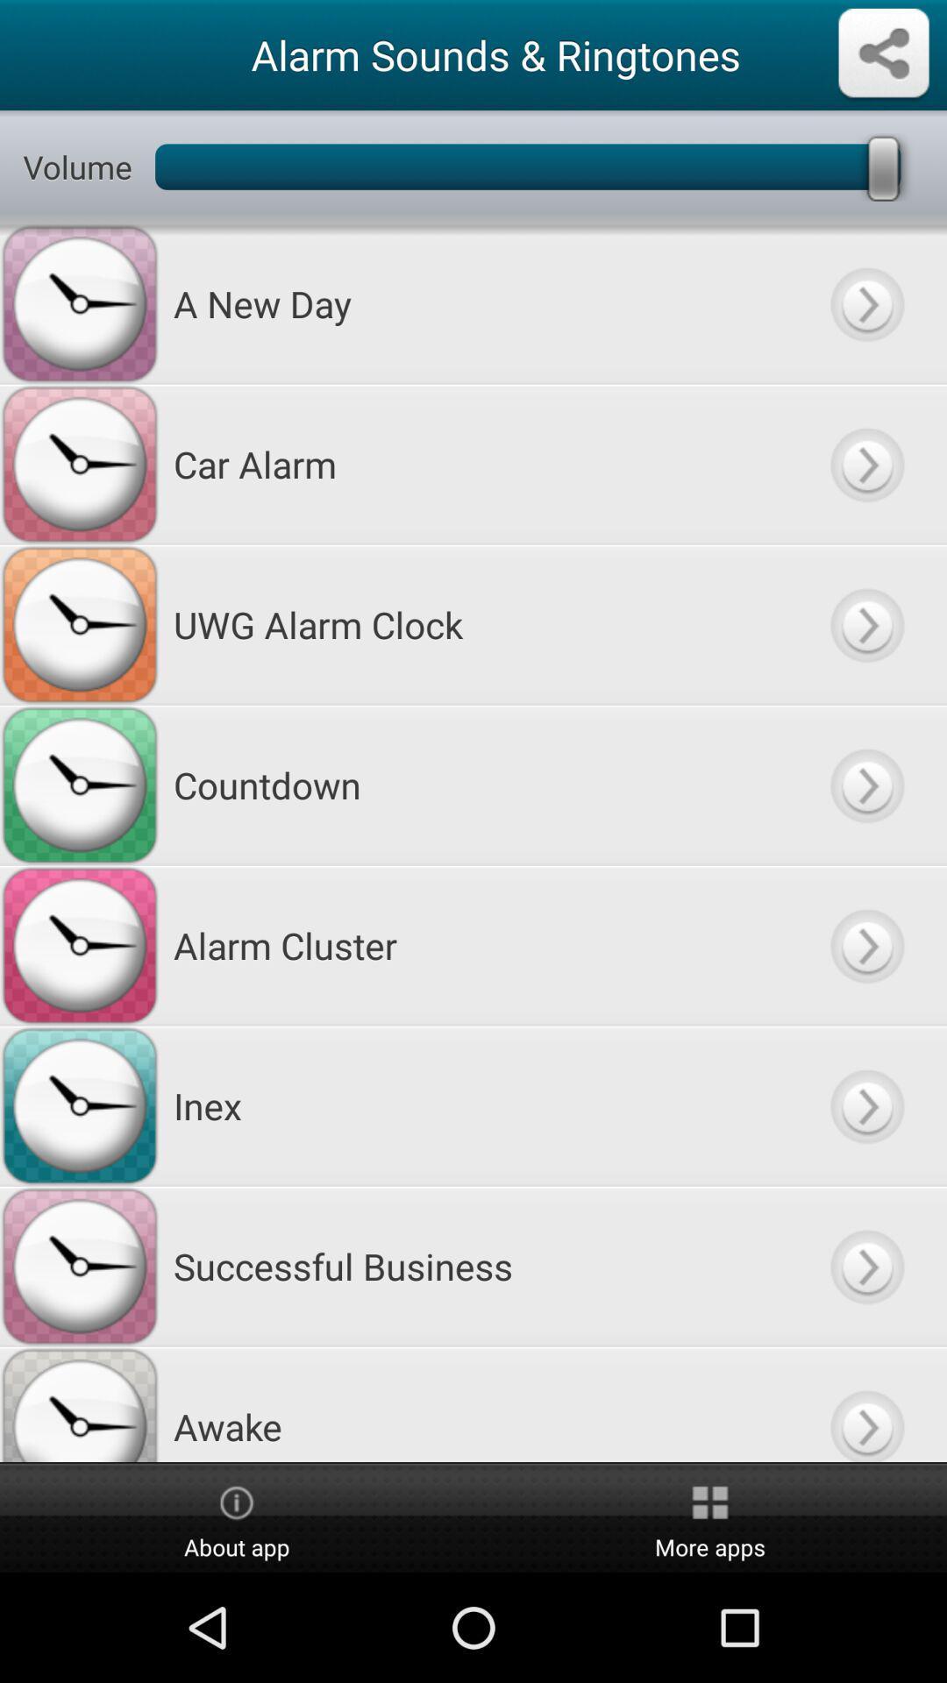 This screenshot has height=1683, width=947. I want to click on back, so click(865, 1266).